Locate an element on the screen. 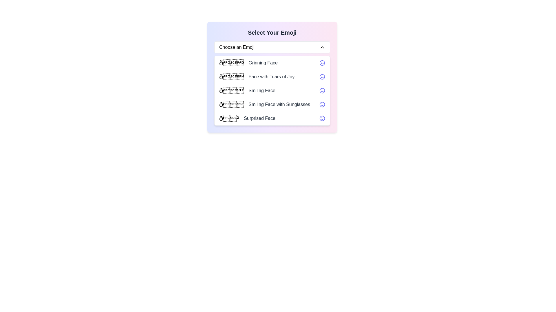 This screenshot has height=312, width=556. the 'Face with Tears of Joy' option in the dropdown menu is located at coordinates (272, 77).